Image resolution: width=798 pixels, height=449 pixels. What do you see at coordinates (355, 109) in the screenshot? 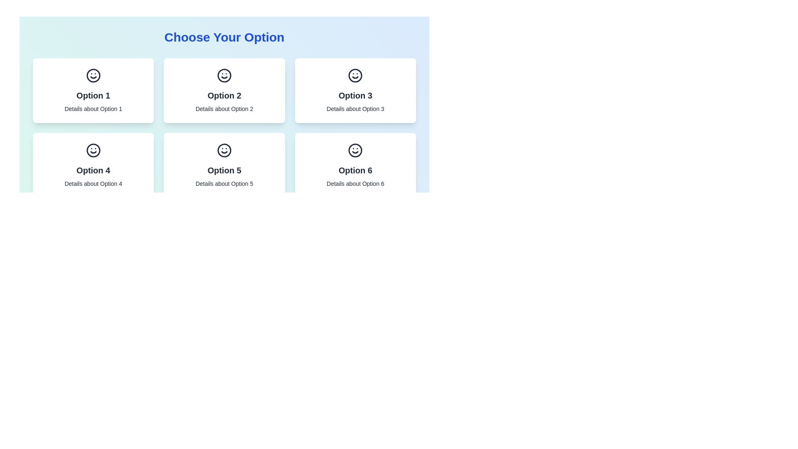
I see `the non-interactive text label providing descriptive information about 'Option 3', located below the title within the Option 3 card in the grid layout` at bounding box center [355, 109].